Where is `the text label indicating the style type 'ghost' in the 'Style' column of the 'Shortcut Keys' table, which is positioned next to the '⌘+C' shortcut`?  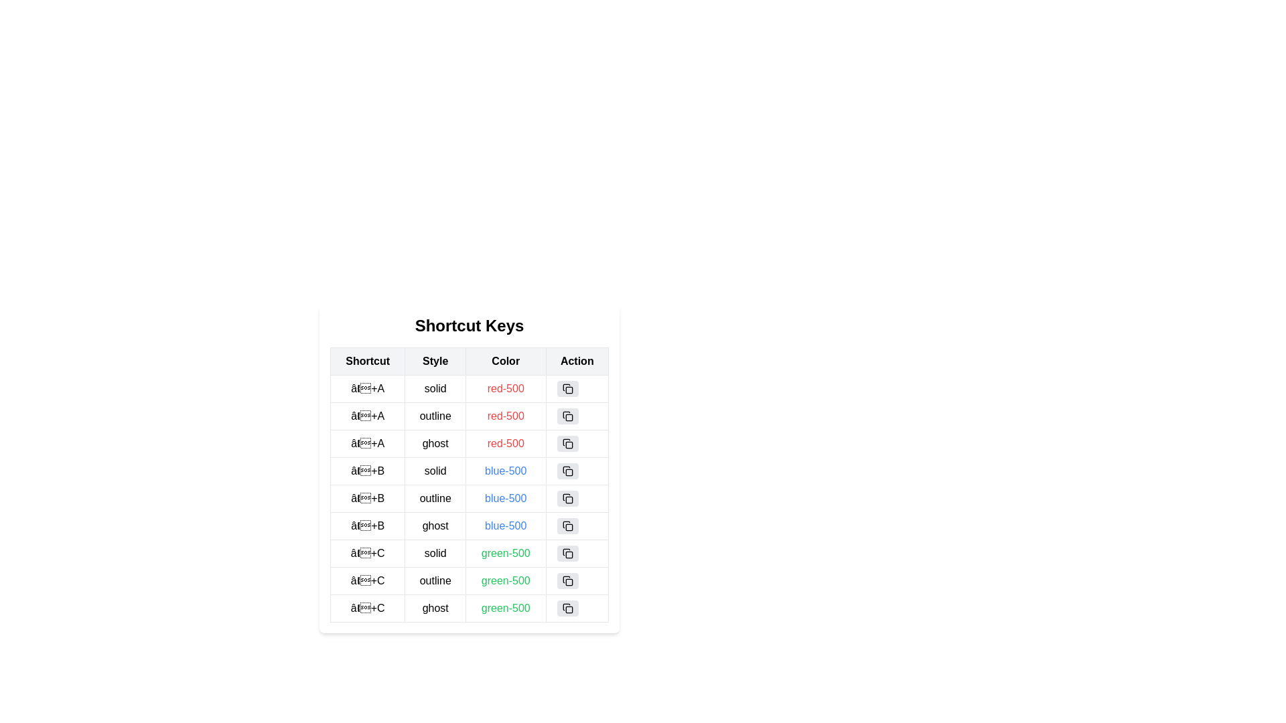 the text label indicating the style type 'ghost' in the 'Style' column of the 'Shortcut Keys' table, which is positioned next to the '⌘+C' shortcut is located at coordinates (435, 609).